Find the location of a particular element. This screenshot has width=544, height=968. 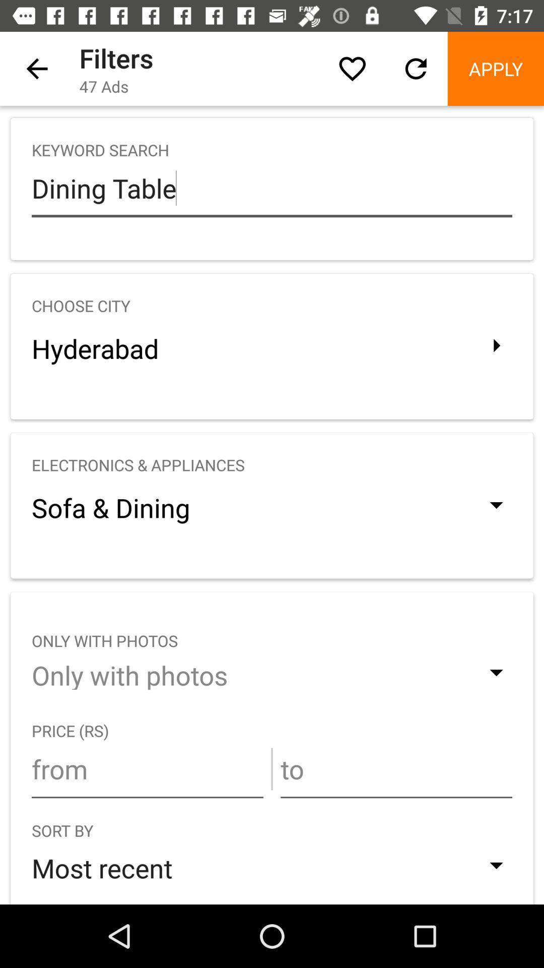

item above the keyword search is located at coordinates (495, 68).